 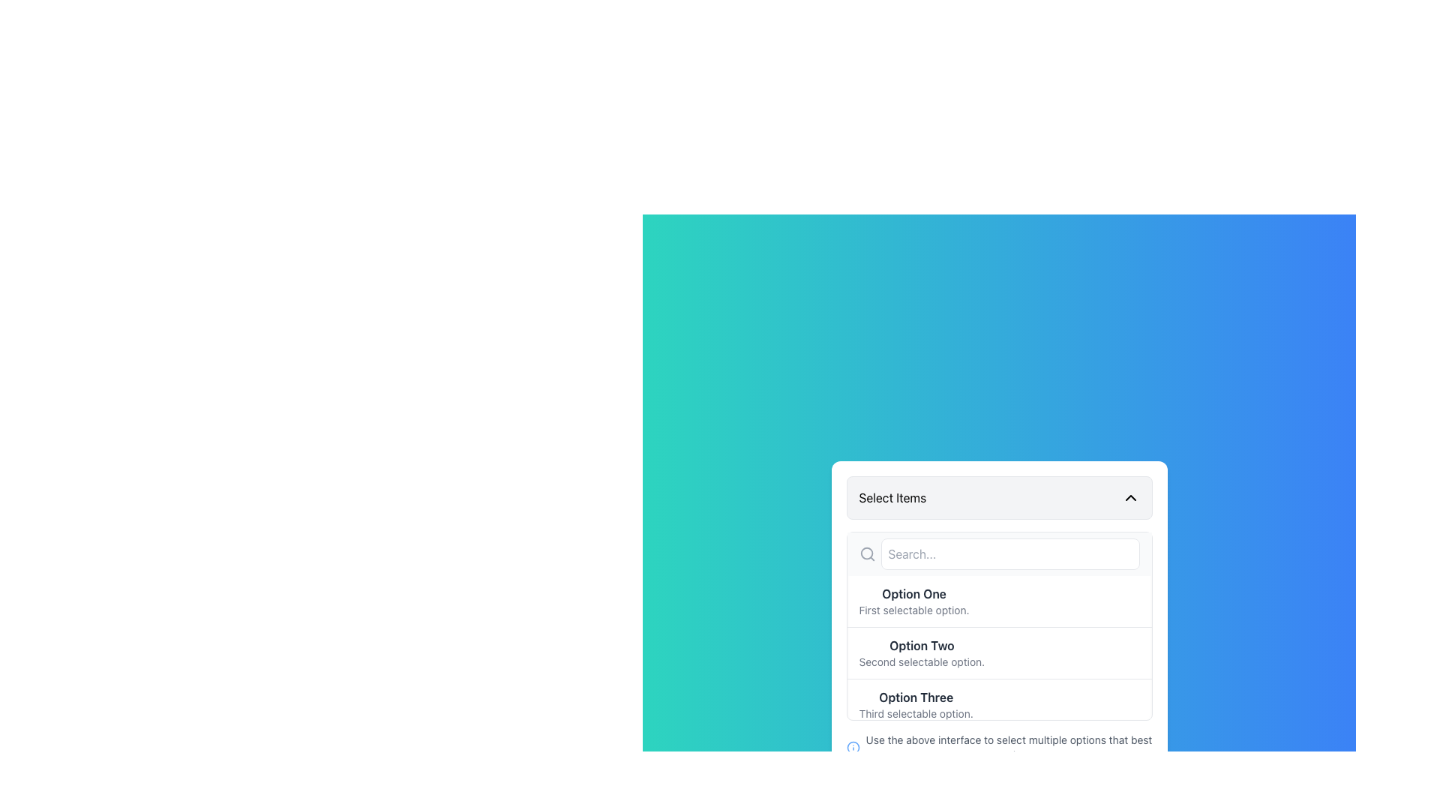 What do you see at coordinates (915, 705) in the screenshot?
I see `the selectable list item labeled 'Option Three' that displays 'Third selectable option.' in a dropdown menu` at bounding box center [915, 705].